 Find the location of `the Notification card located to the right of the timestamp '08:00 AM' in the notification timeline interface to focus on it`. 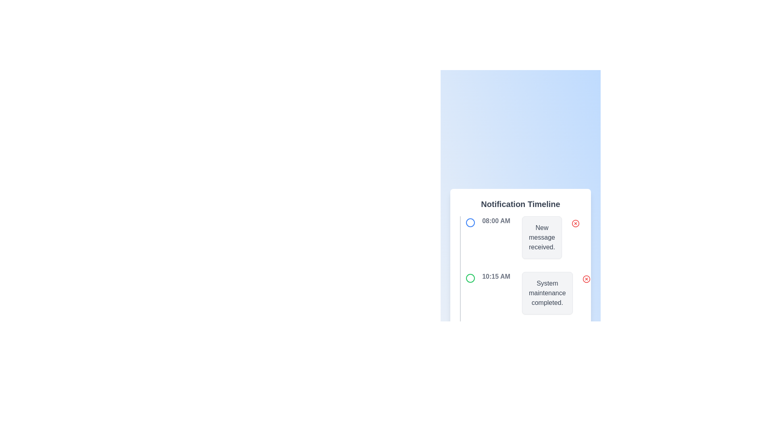

the Notification card located to the right of the timestamp '08:00 AM' in the notification timeline interface to focus on it is located at coordinates (542, 237).